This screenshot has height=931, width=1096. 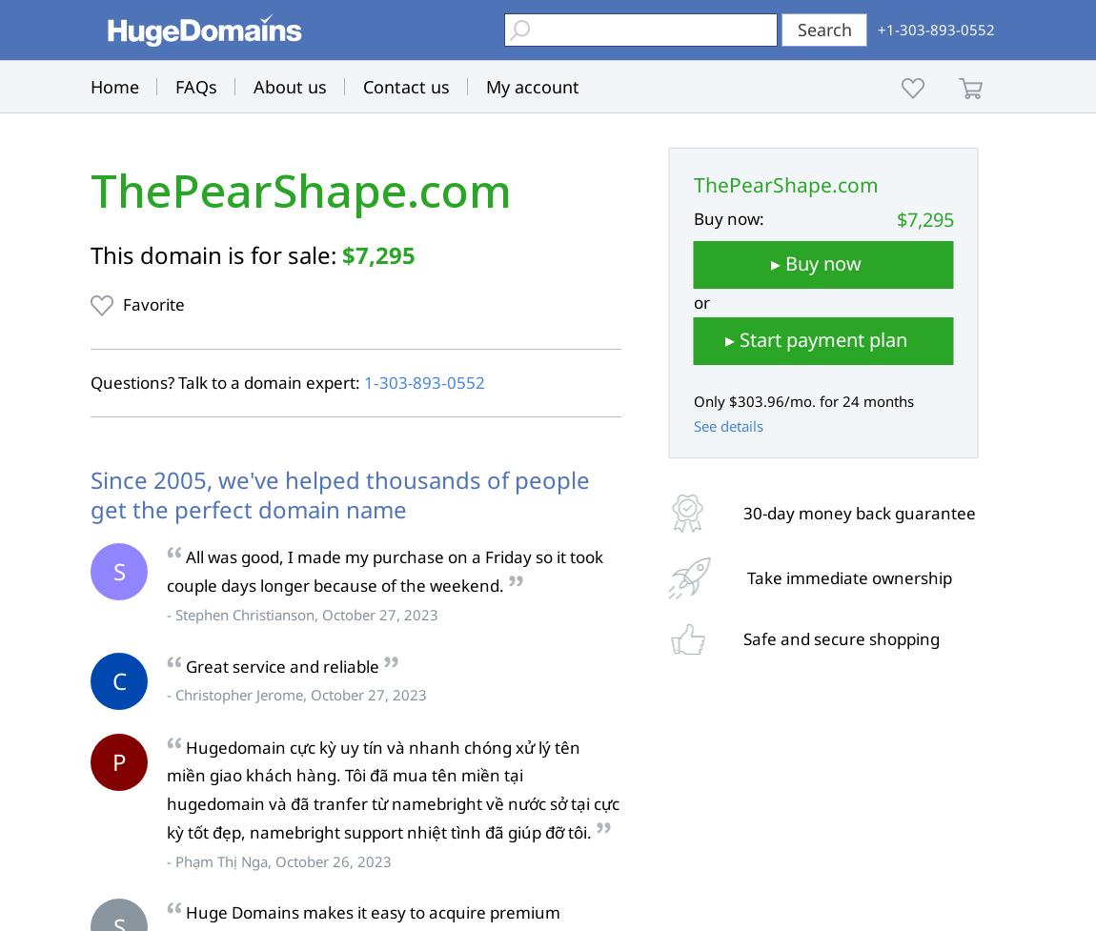 I want to click on 'Contact us', so click(x=406, y=86).